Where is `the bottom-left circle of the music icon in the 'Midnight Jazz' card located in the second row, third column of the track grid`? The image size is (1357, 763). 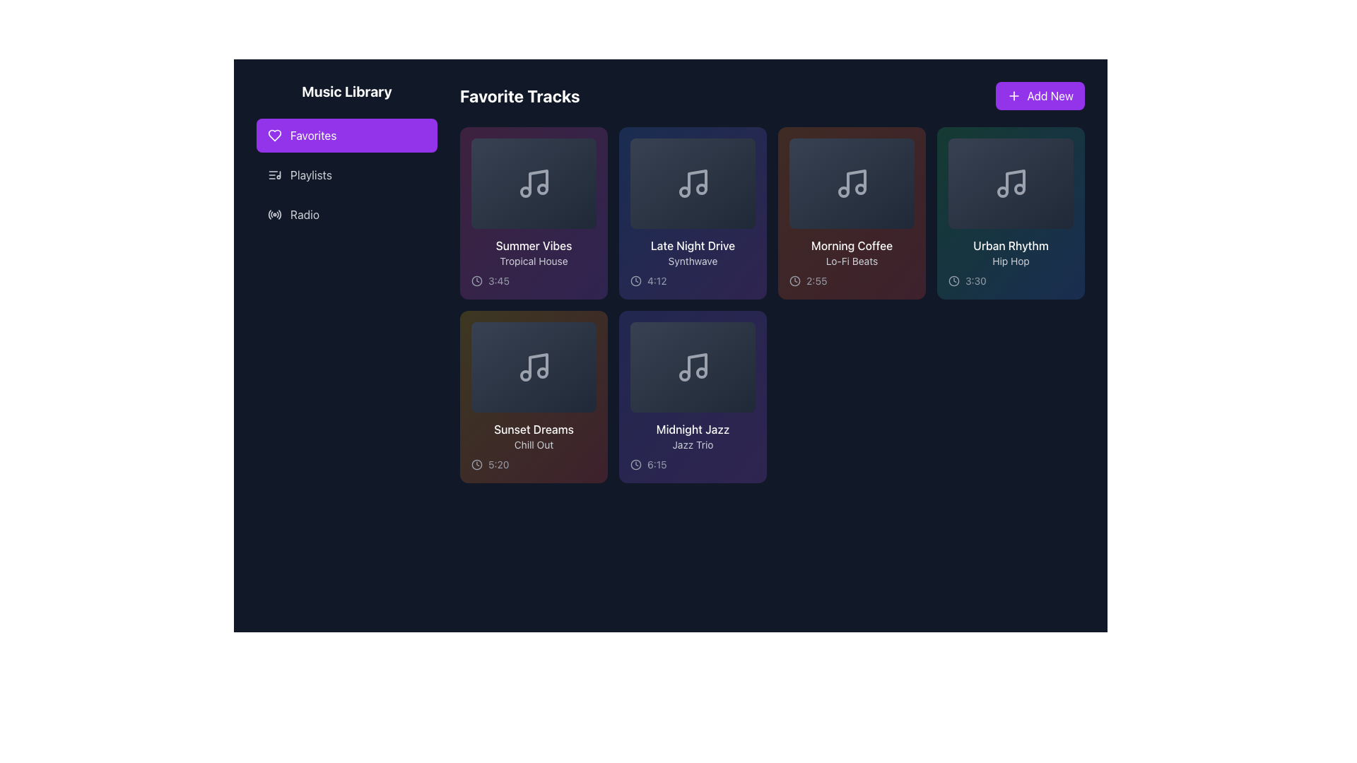 the bottom-left circle of the music icon in the 'Midnight Jazz' card located in the second row, third column of the track grid is located at coordinates (684, 375).